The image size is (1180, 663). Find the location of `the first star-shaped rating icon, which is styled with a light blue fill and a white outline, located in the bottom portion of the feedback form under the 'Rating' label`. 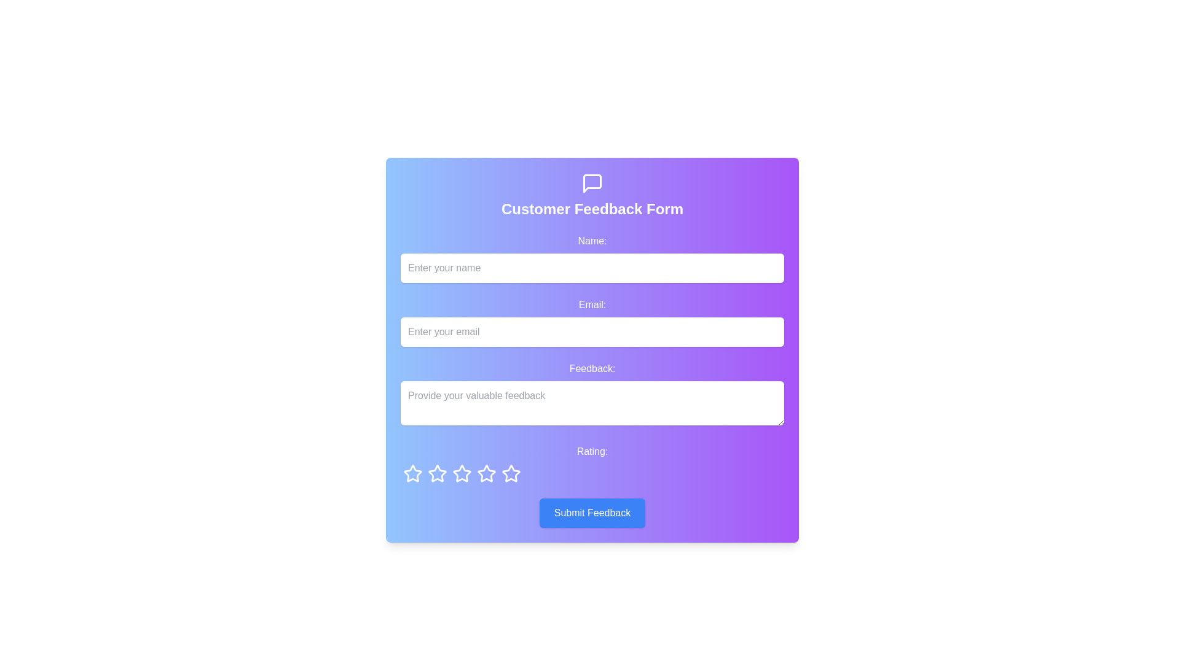

the first star-shaped rating icon, which is styled with a light blue fill and a white outline, located in the bottom portion of the feedback form under the 'Rating' label is located at coordinates (413, 473).